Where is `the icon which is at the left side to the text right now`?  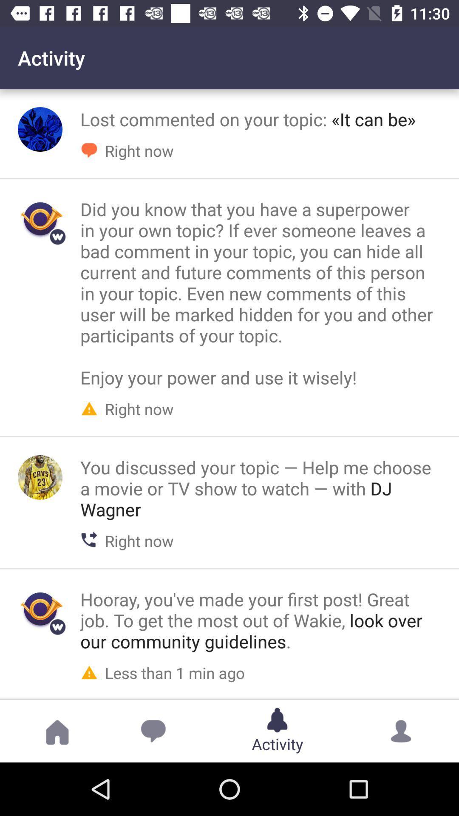 the icon which is at the left side to the text right now is located at coordinates (89, 407).